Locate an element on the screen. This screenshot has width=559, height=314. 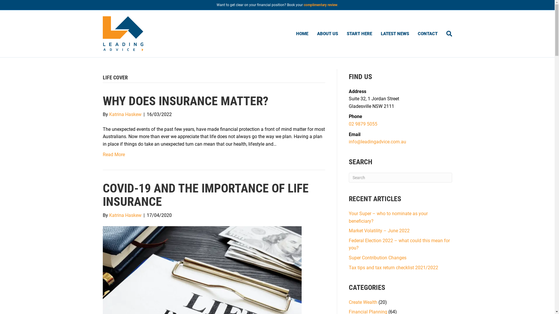
'.' is located at coordinates (337, 5).